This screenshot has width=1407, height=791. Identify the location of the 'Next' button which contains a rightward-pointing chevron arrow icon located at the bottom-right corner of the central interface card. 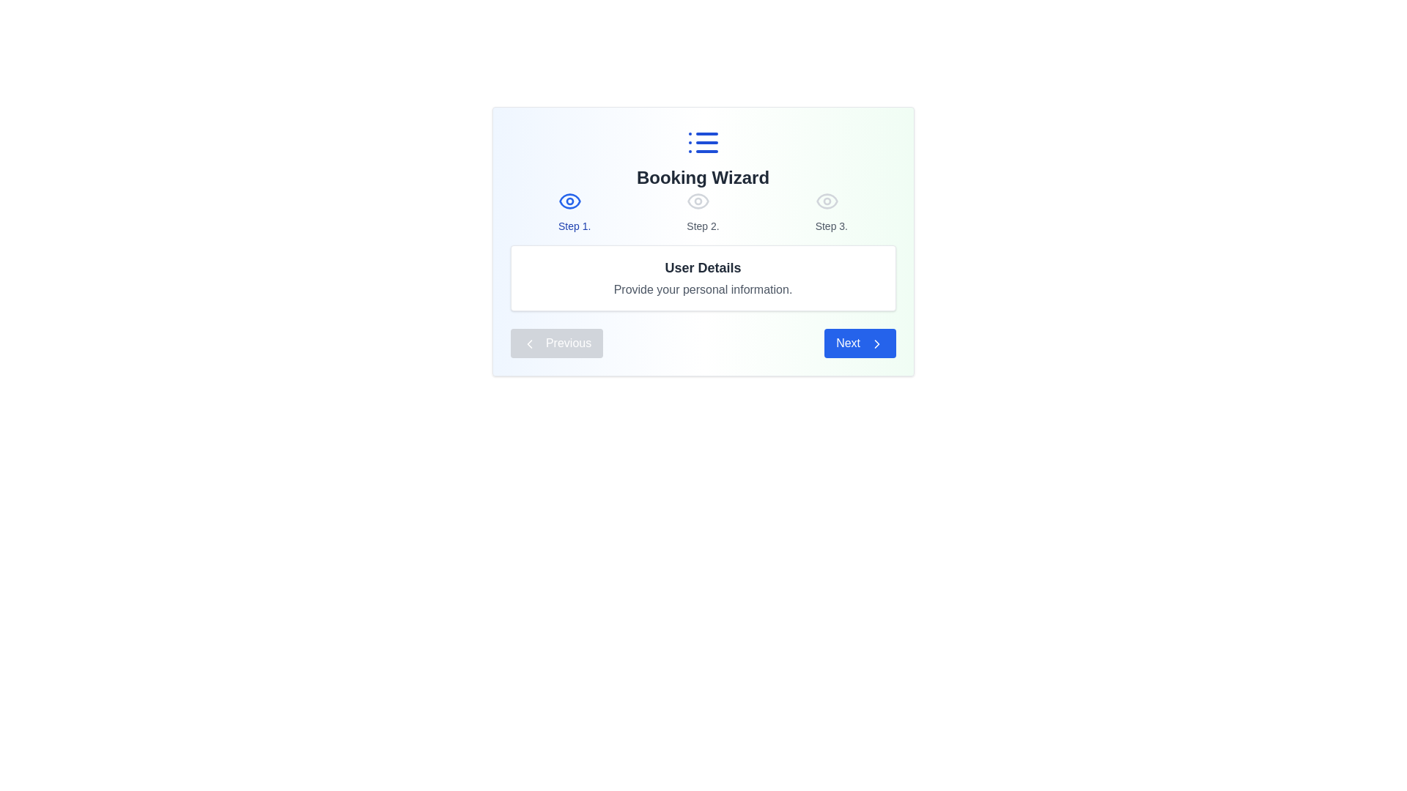
(876, 343).